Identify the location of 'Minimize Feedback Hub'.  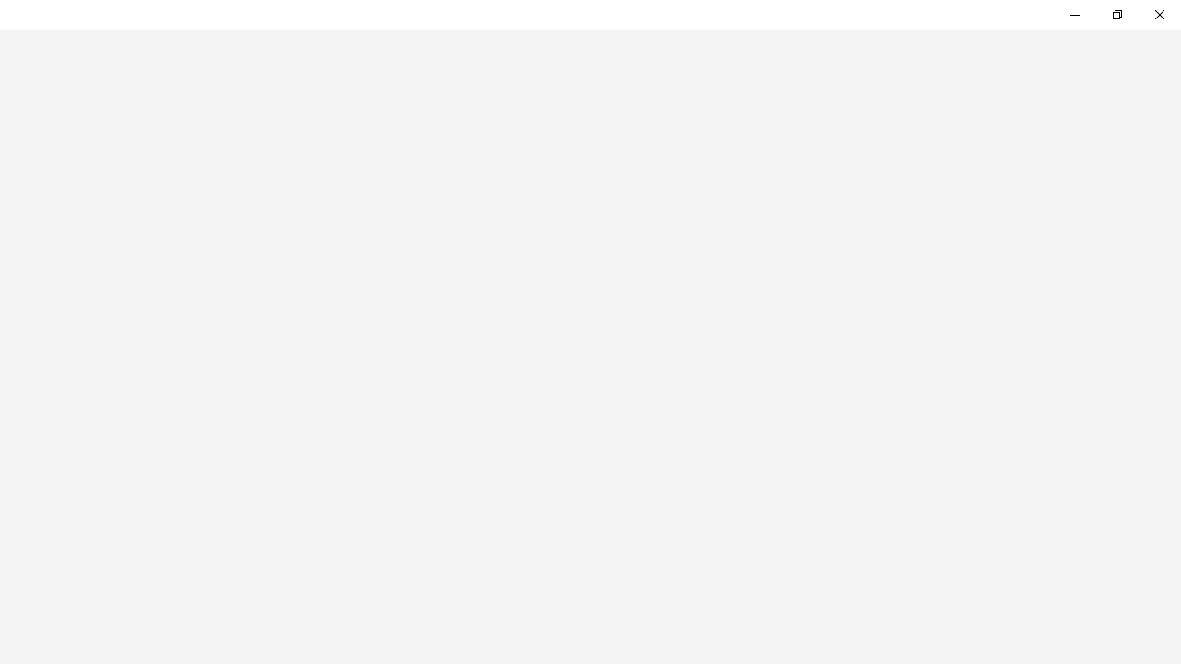
(1074, 14).